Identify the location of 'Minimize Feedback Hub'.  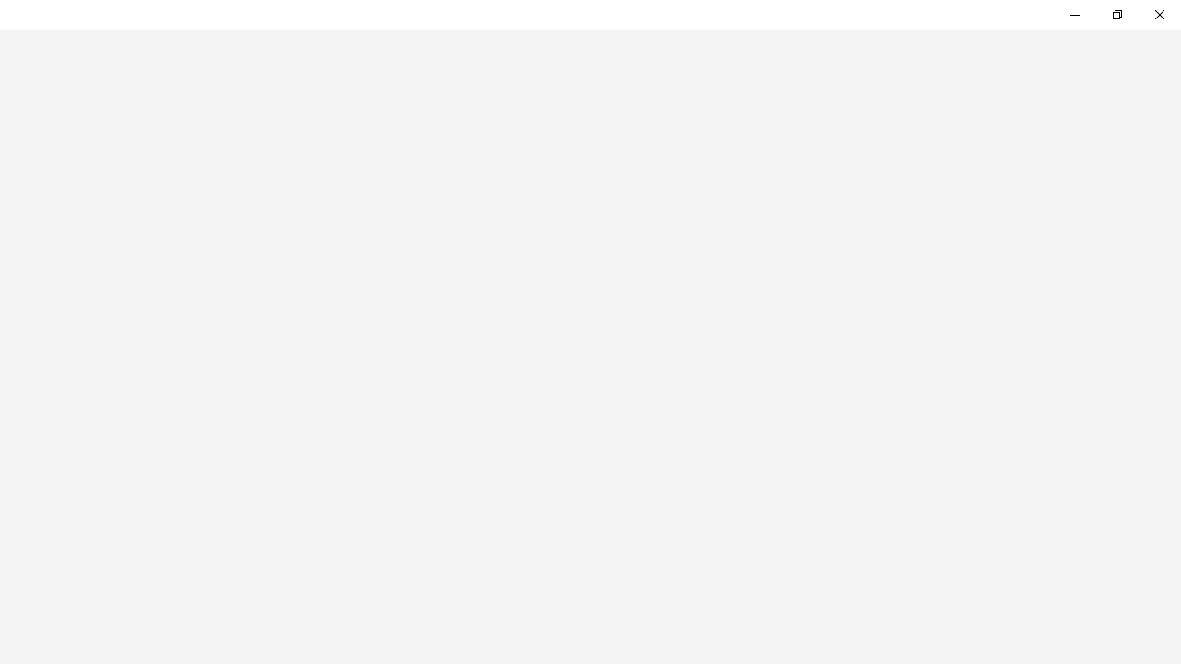
(1074, 14).